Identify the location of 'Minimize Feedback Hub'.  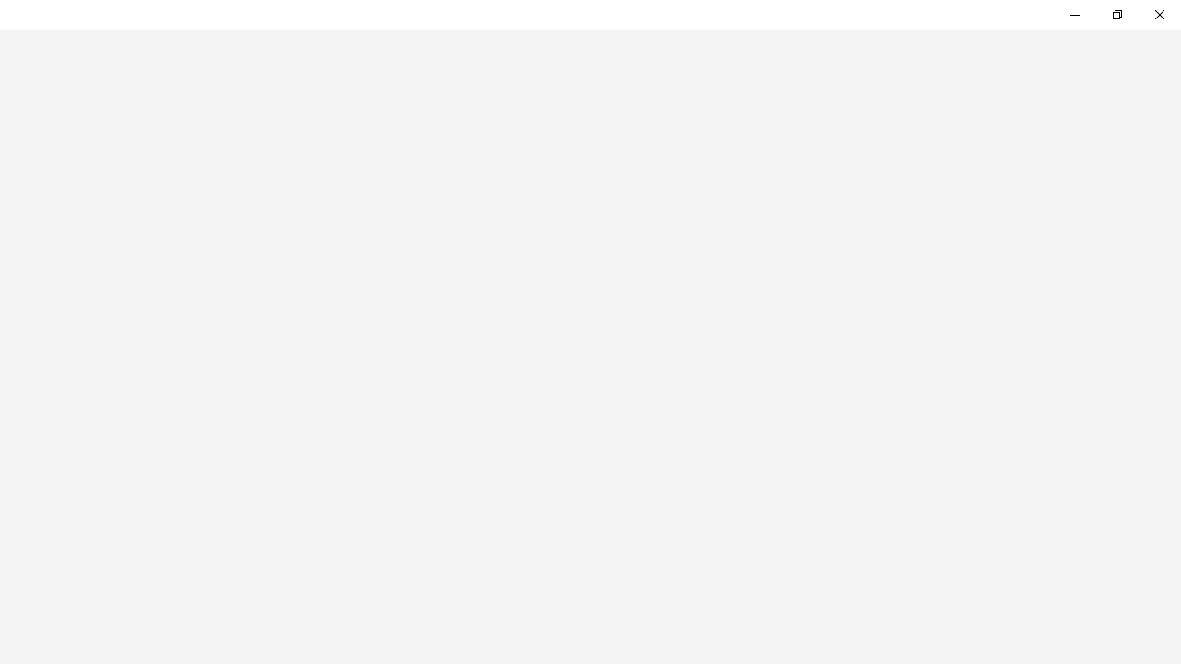
(1074, 14).